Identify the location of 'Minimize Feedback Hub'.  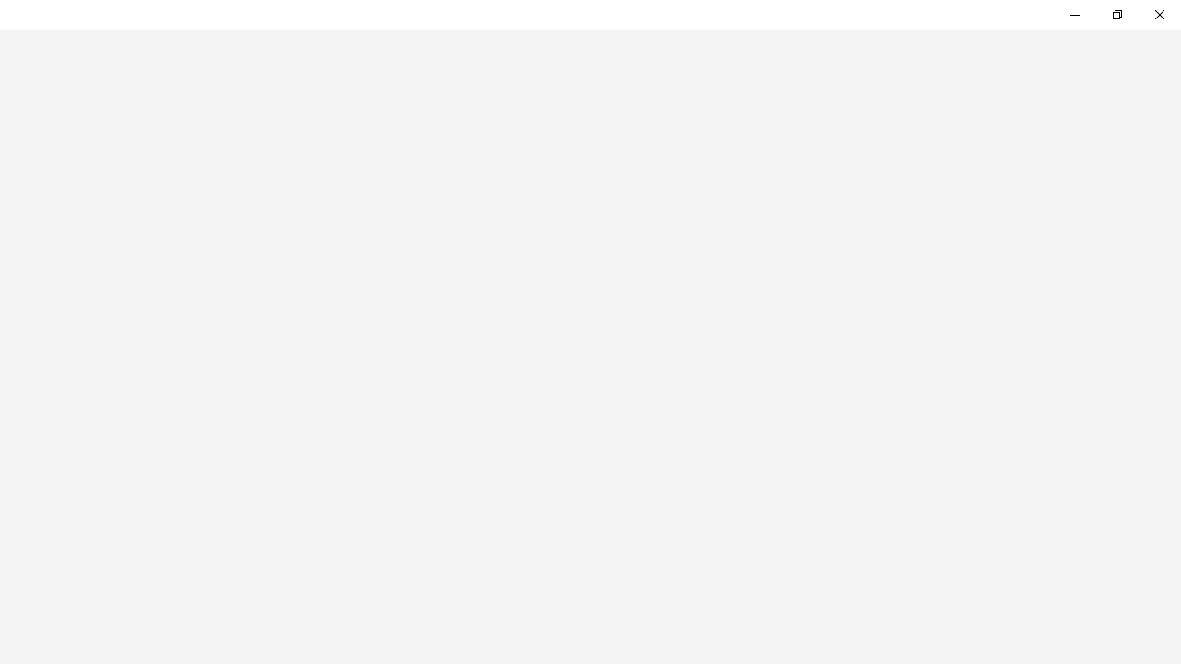
(1074, 14).